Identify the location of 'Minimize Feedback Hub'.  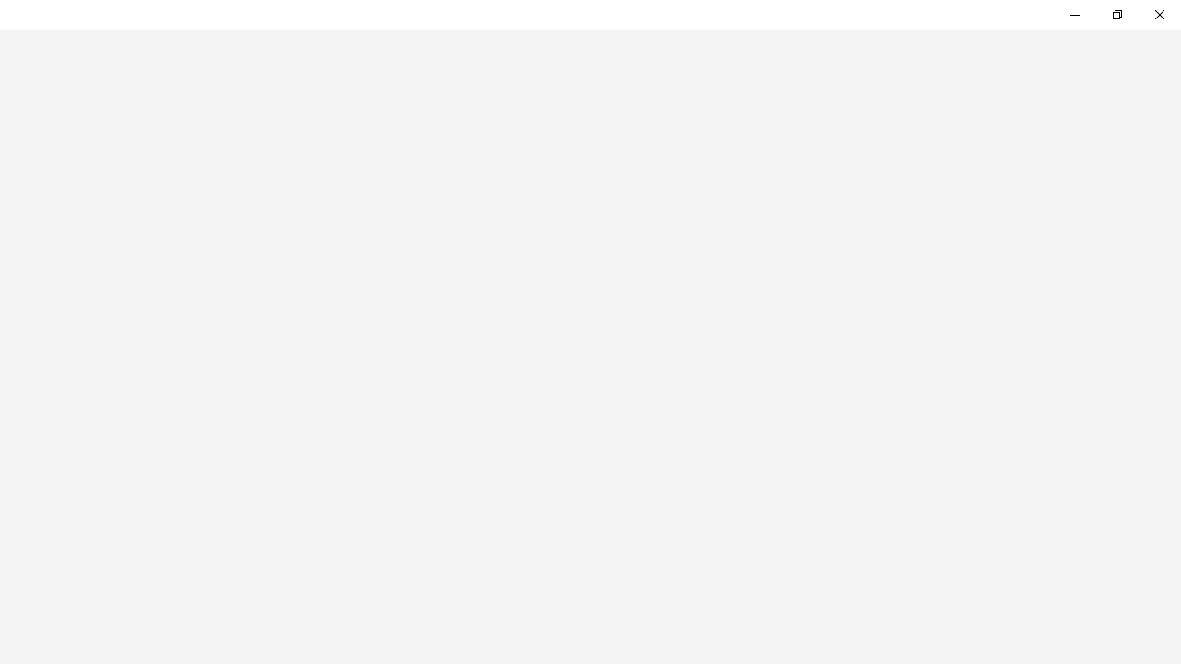
(1074, 14).